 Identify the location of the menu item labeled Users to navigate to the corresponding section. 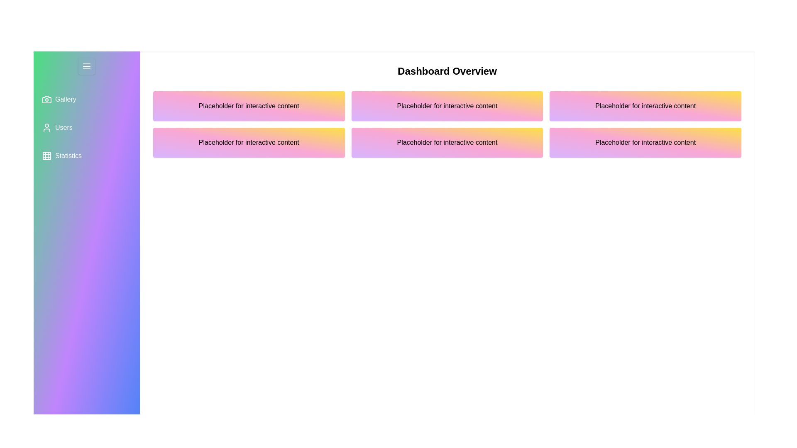
(87, 128).